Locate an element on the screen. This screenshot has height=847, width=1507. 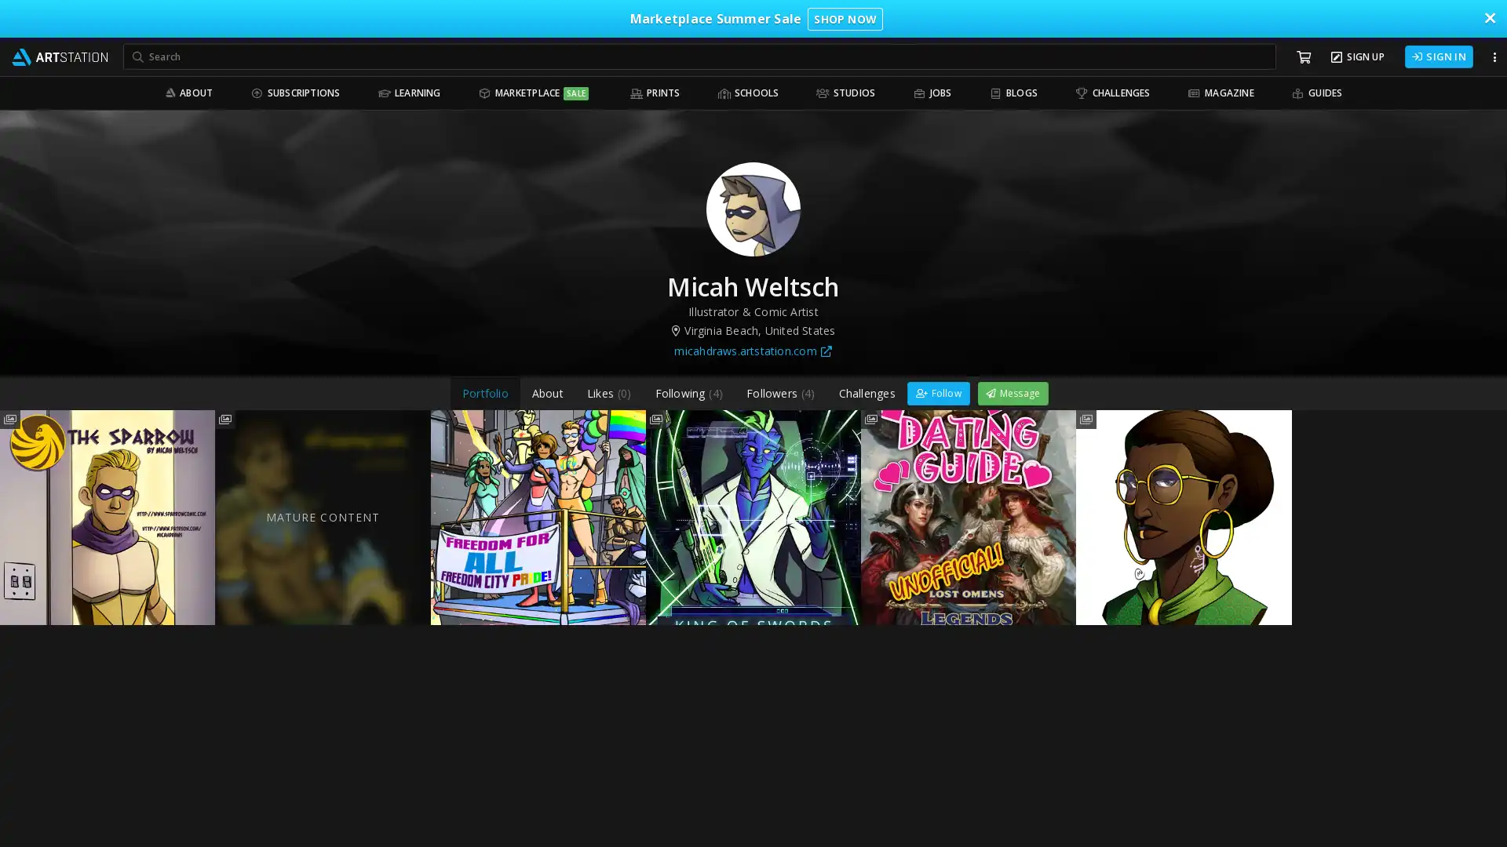
Follow is located at coordinates (938, 391).